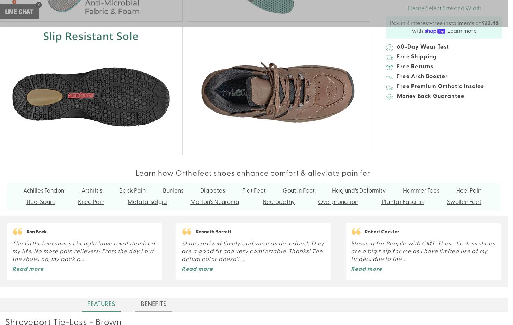 Image resolution: width=513 pixels, height=325 pixels. I want to click on 'Gout in Foot', so click(298, 190).